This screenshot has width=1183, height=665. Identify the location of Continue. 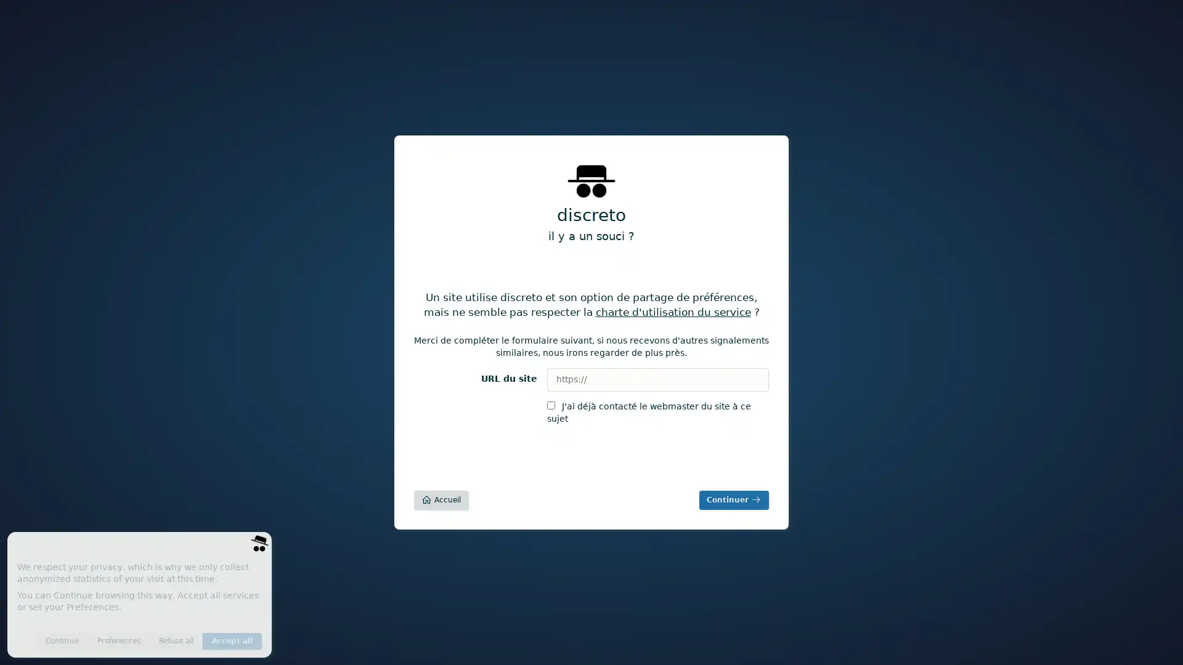
(61, 640).